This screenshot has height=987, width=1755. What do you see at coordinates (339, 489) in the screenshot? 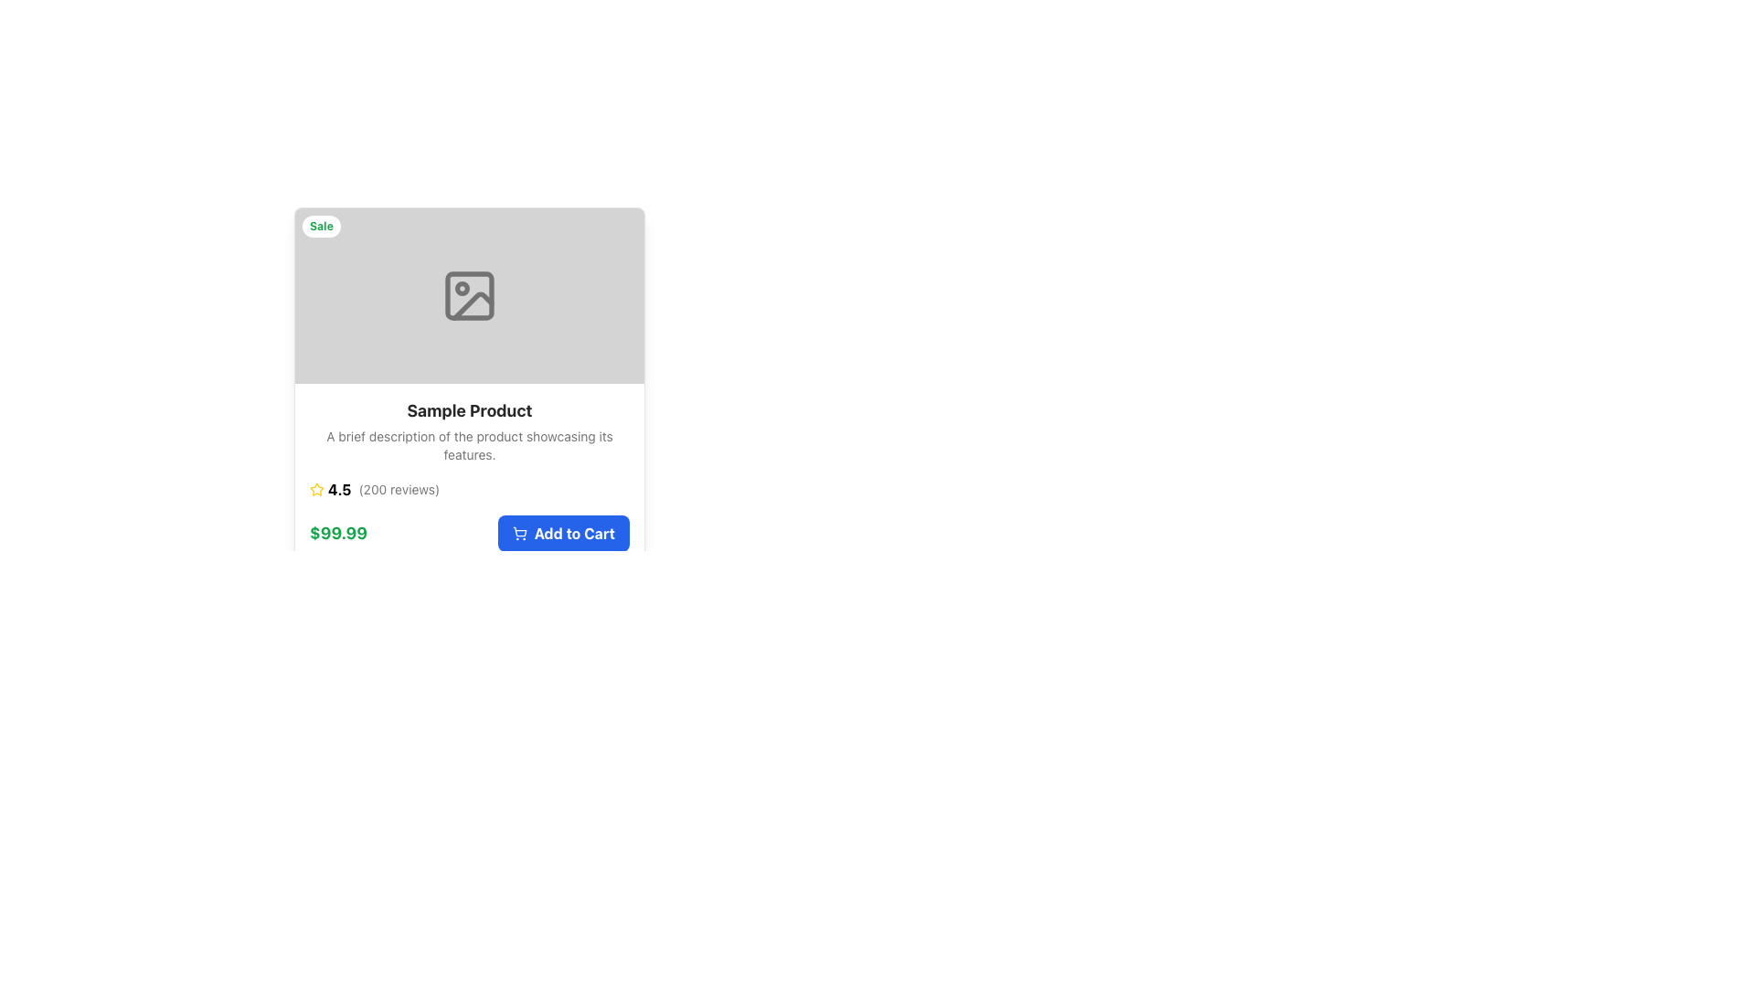
I see `text element displaying '4.5', which is styled with a clean font and located near a yellow star icon and the text '(200 reviews)'` at bounding box center [339, 489].